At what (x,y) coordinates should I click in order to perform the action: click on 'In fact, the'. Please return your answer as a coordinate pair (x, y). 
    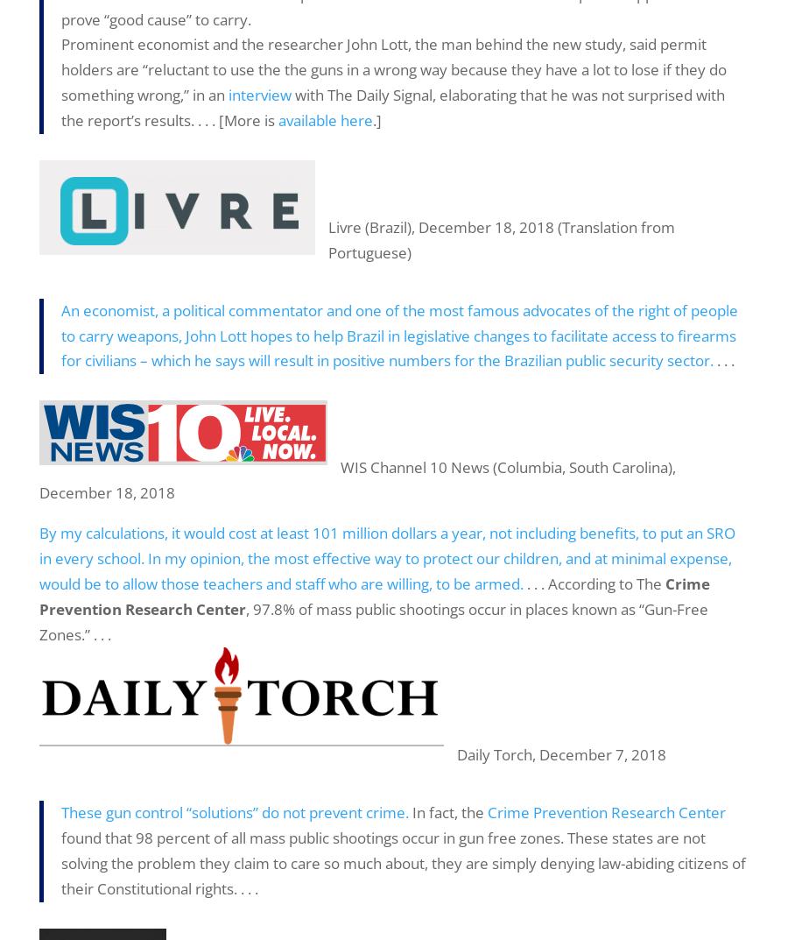
    Looking at the image, I should click on (447, 812).